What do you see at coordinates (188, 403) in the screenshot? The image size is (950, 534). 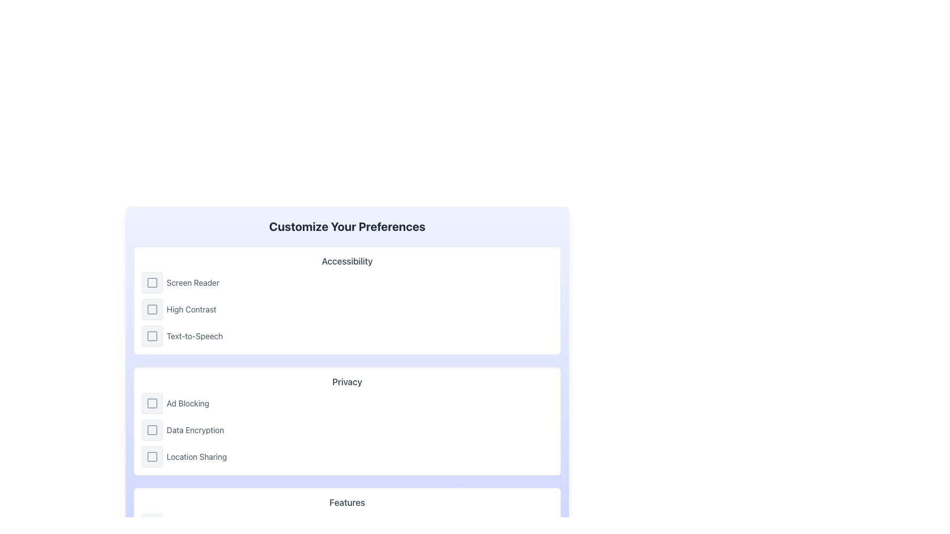 I see `the 'Ad Blocking' text label in gray color, which is located in the third position under the 'Privacy' section` at bounding box center [188, 403].